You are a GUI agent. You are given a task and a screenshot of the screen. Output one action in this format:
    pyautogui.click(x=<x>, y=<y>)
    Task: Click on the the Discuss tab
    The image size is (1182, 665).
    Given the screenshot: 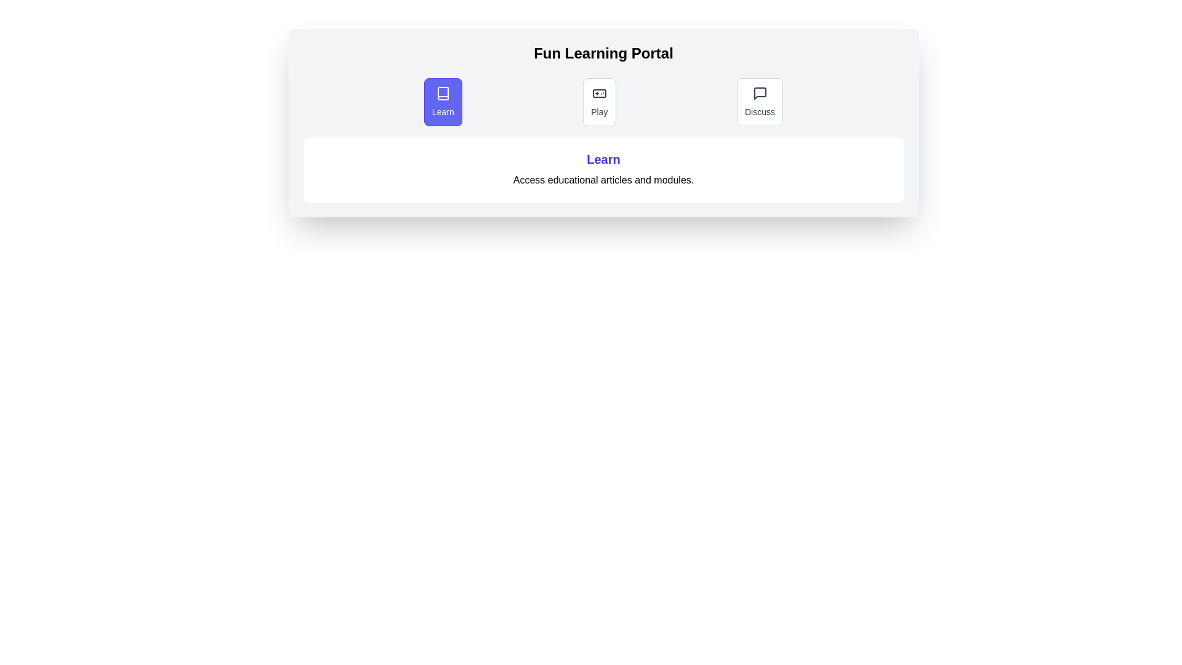 What is the action you would take?
    pyautogui.click(x=759, y=101)
    